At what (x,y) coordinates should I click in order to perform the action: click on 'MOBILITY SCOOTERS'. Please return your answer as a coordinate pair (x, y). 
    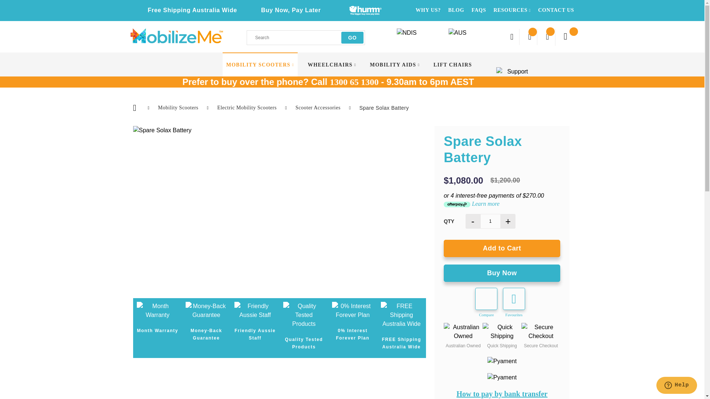
    Looking at the image, I should click on (260, 64).